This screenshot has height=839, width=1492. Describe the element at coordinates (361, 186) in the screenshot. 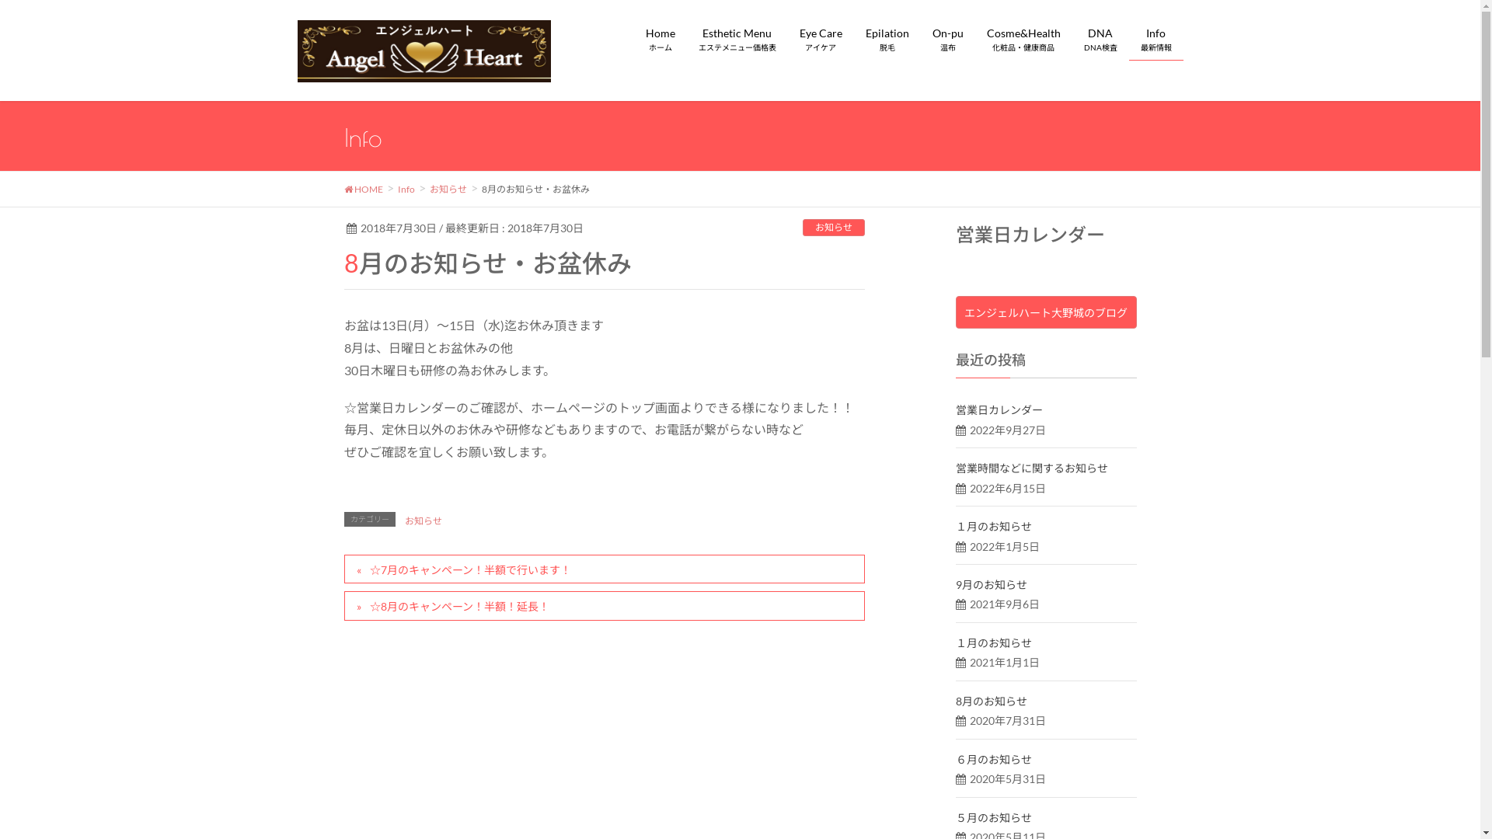

I see `'HOME'` at that location.